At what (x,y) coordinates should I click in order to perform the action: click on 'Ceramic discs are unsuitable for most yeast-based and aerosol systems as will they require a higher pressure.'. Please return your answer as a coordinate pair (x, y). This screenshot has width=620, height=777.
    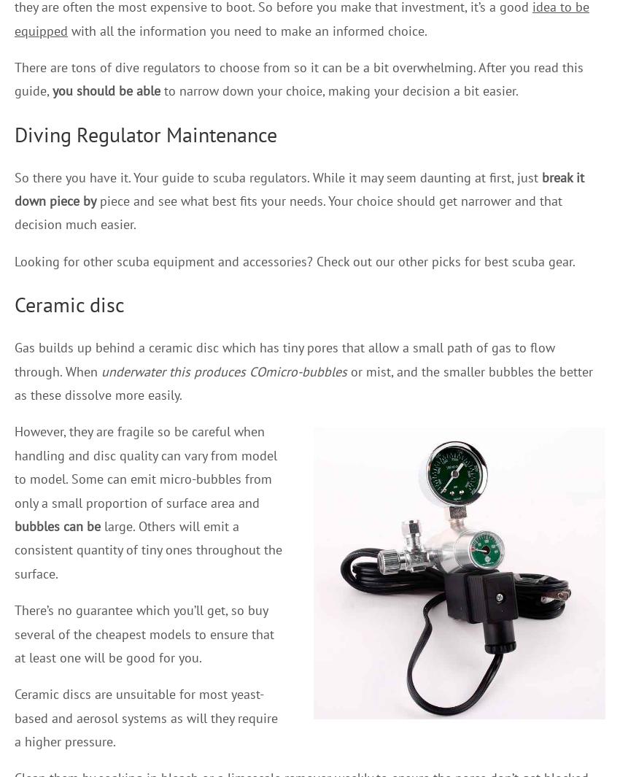
    Looking at the image, I should click on (145, 717).